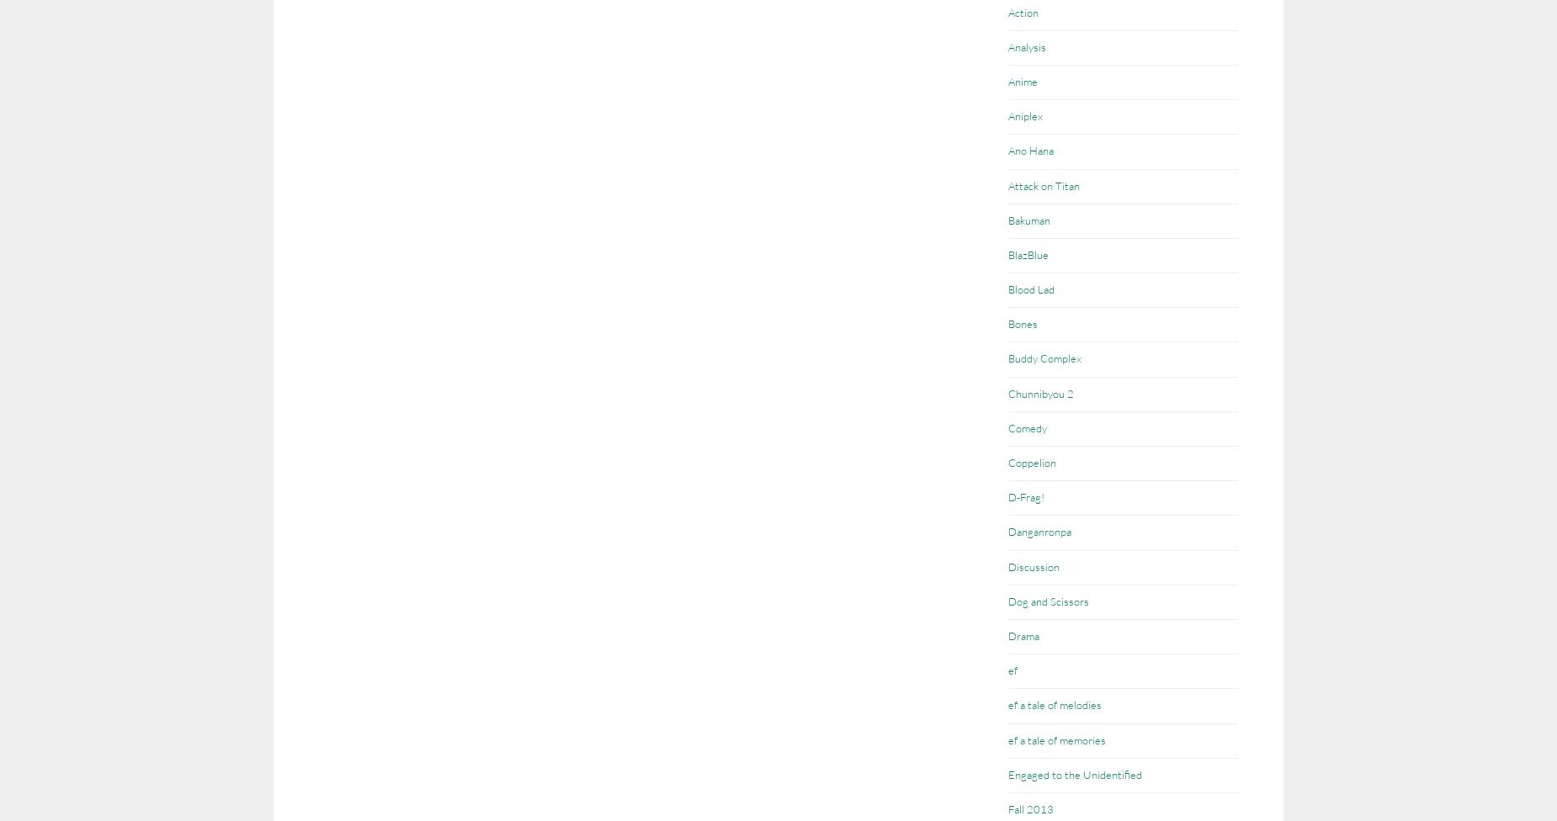 This screenshot has height=821, width=1557. Describe the element at coordinates (1007, 462) in the screenshot. I see `'Coppelion'` at that location.